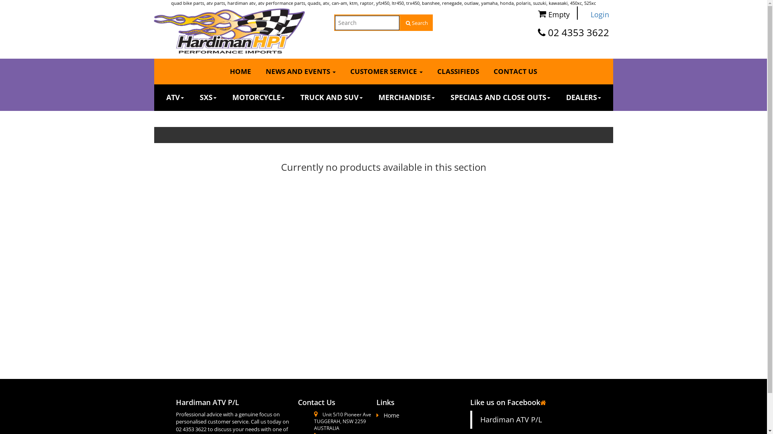 Image resolution: width=773 pixels, height=434 pixels. What do you see at coordinates (224, 97) in the screenshot?
I see `'MOTORCYCLE'` at bounding box center [224, 97].